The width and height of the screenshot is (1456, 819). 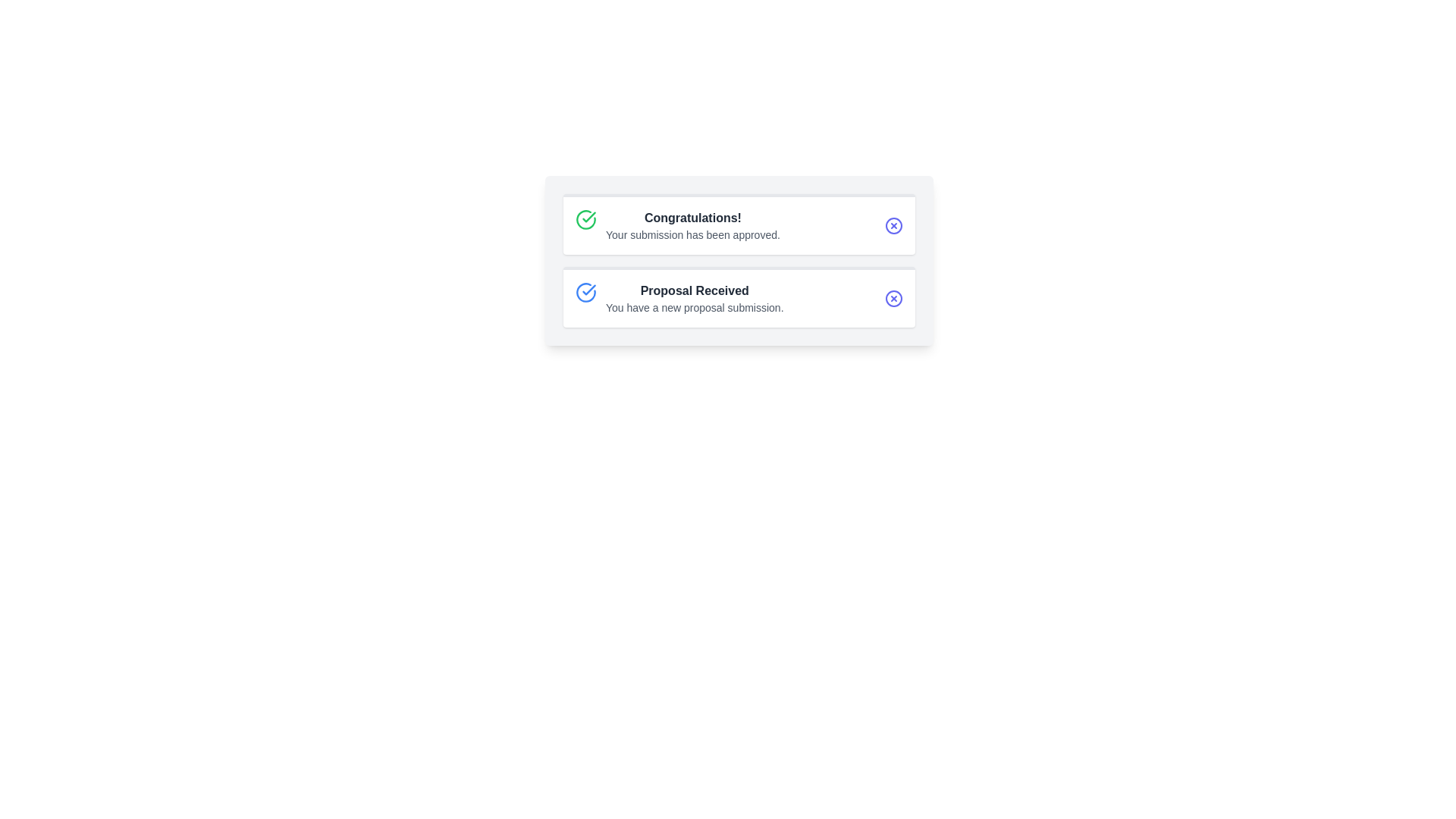 I want to click on the close button on the far right of the 'Congratulations!' notification, so click(x=894, y=225).